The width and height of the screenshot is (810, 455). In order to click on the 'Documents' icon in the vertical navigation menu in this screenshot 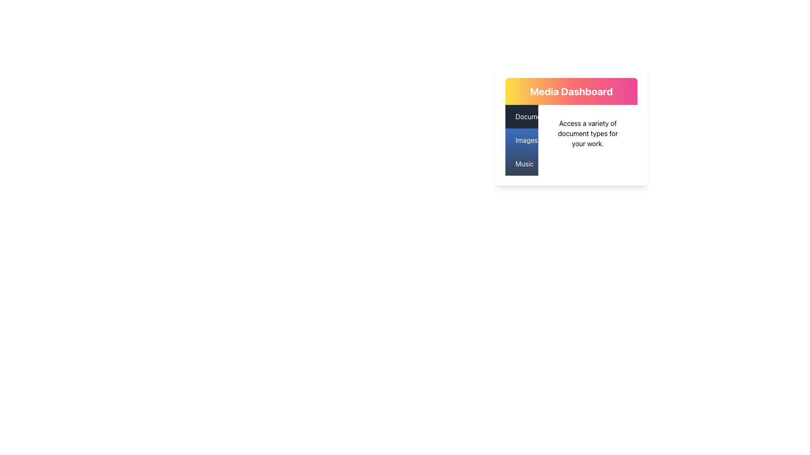, I will do `click(516, 117)`.